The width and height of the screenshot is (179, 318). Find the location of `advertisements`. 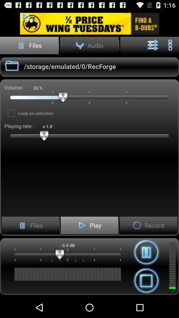

advertisements is located at coordinates (89, 24).